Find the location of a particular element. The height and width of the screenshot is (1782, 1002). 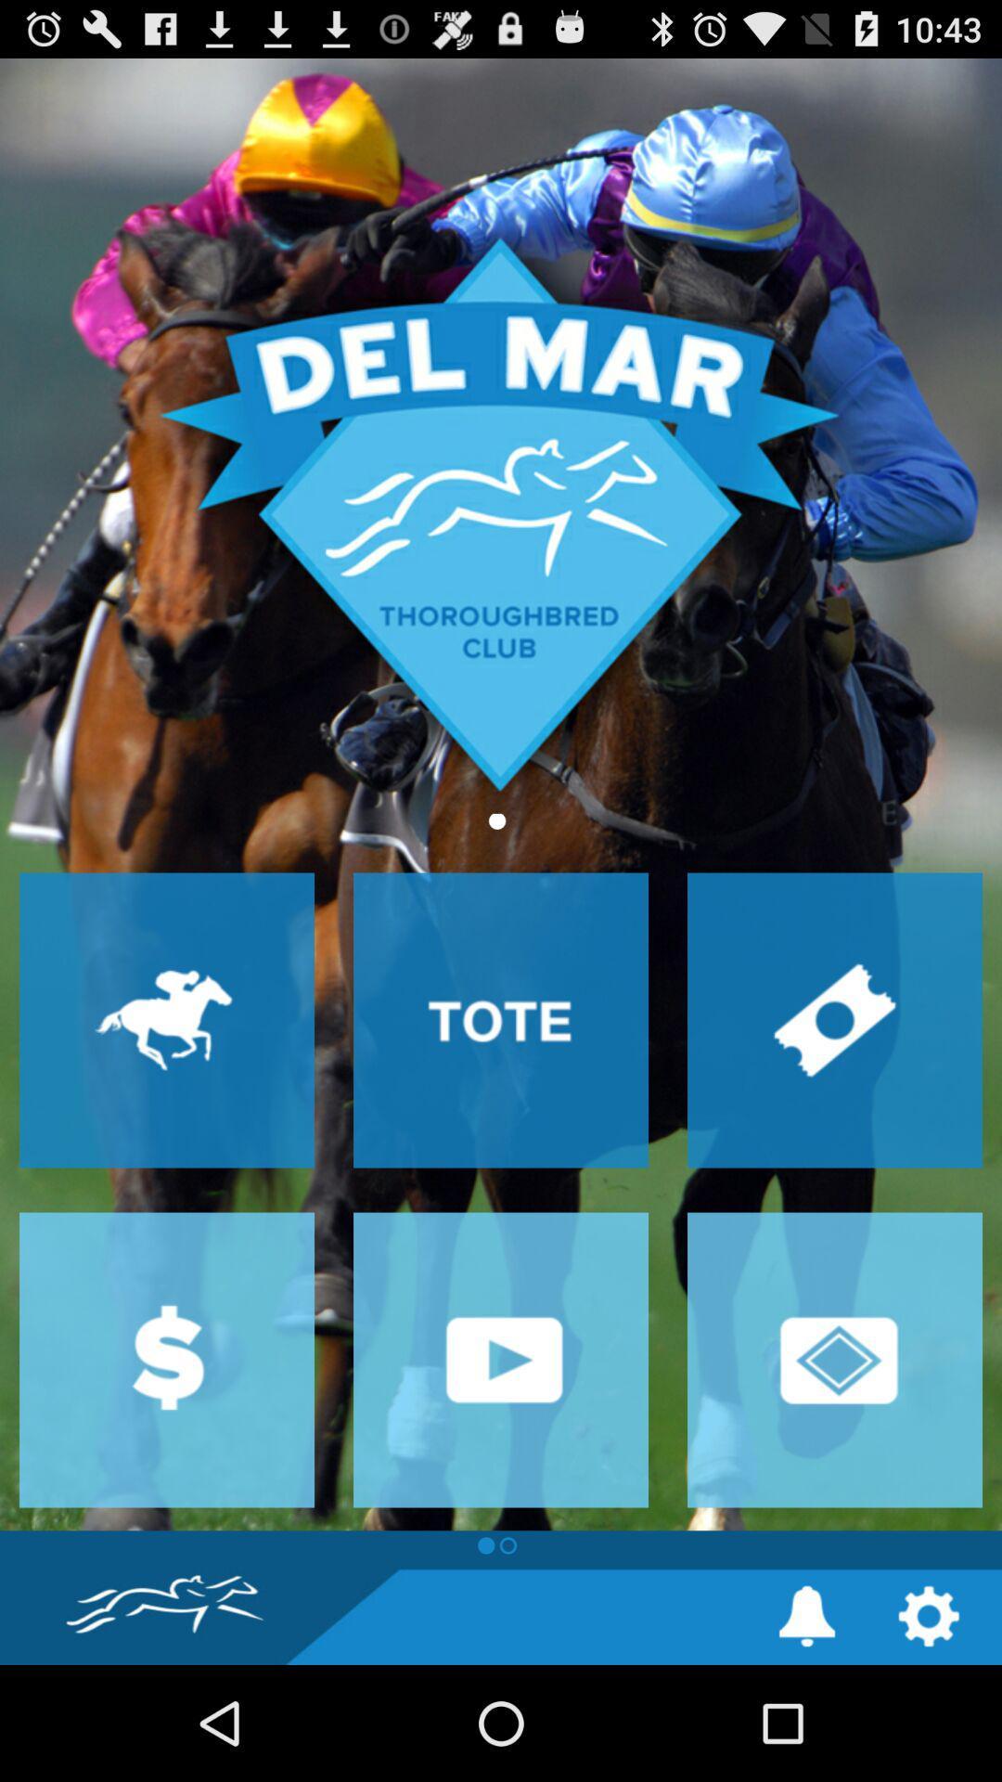

gon tote is located at coordinates (501, 1019).